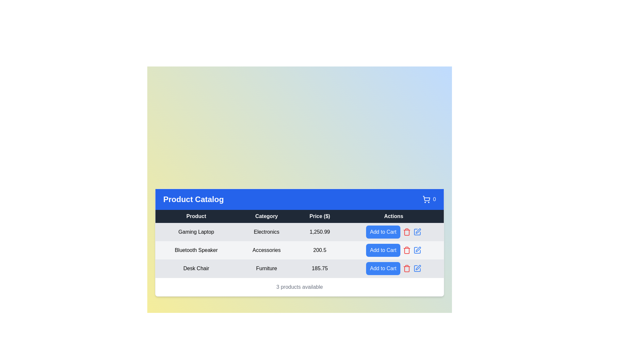 The height and width of the screenshot is (352, 627). Describe the element at coordinates (393, 268) in the screenshot. I see `the first button in the horizontal group under the 'Actions' column in the last row of the product table` at that location.